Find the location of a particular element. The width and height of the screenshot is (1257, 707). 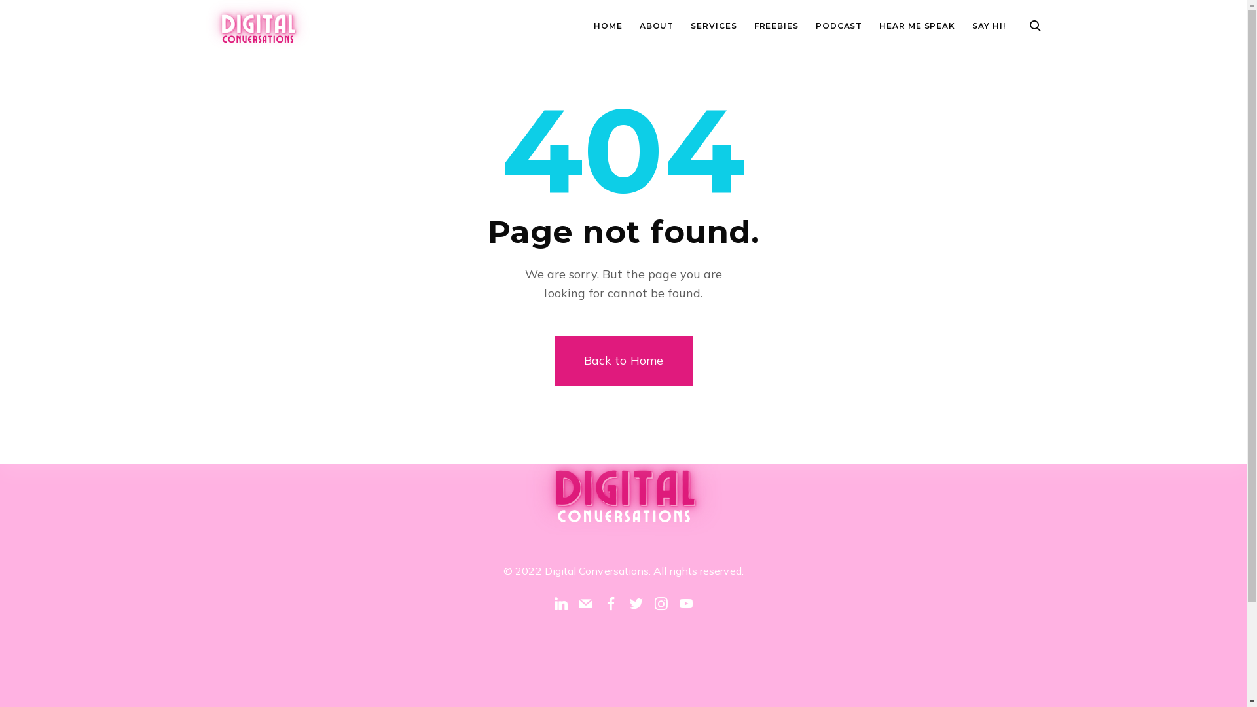

'SAY HI!' is located at coordinates (989, 26).